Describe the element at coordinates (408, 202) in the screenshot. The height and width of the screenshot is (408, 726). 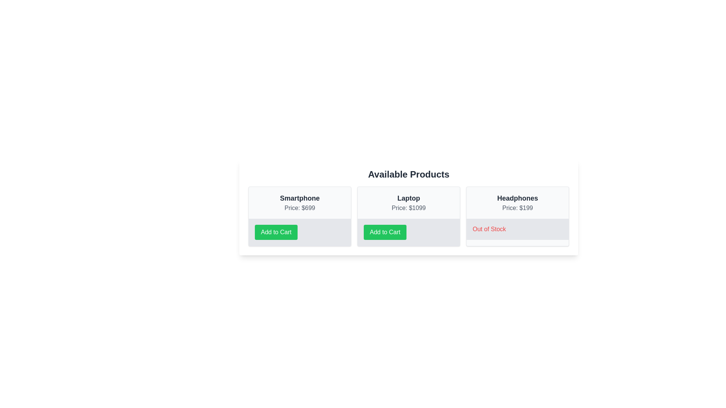
I see `the text display component that shows 'Laptop' in bold, larger font size, located above the smaller gray text 'Price: $1099', positioned in the middle of the product cards` at that location.